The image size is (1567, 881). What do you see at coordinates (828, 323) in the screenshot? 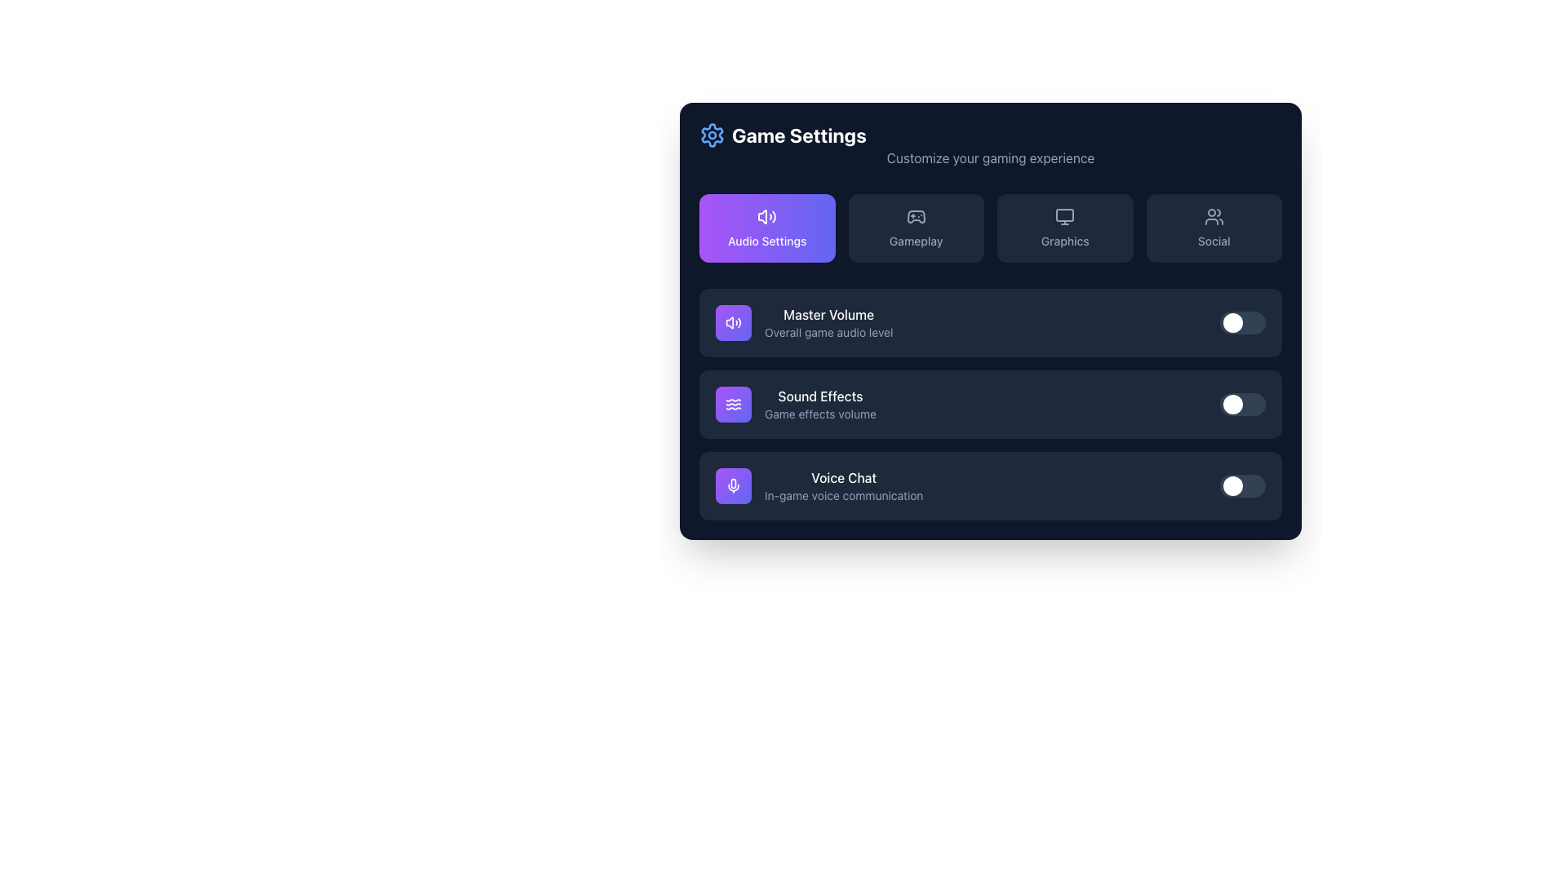
I see `the 'Master Volume' text label in the 'Audio Settings' section, which is bold and part of a list component, located to the right of a purple speaker icon` at bounding box center [828, 323].